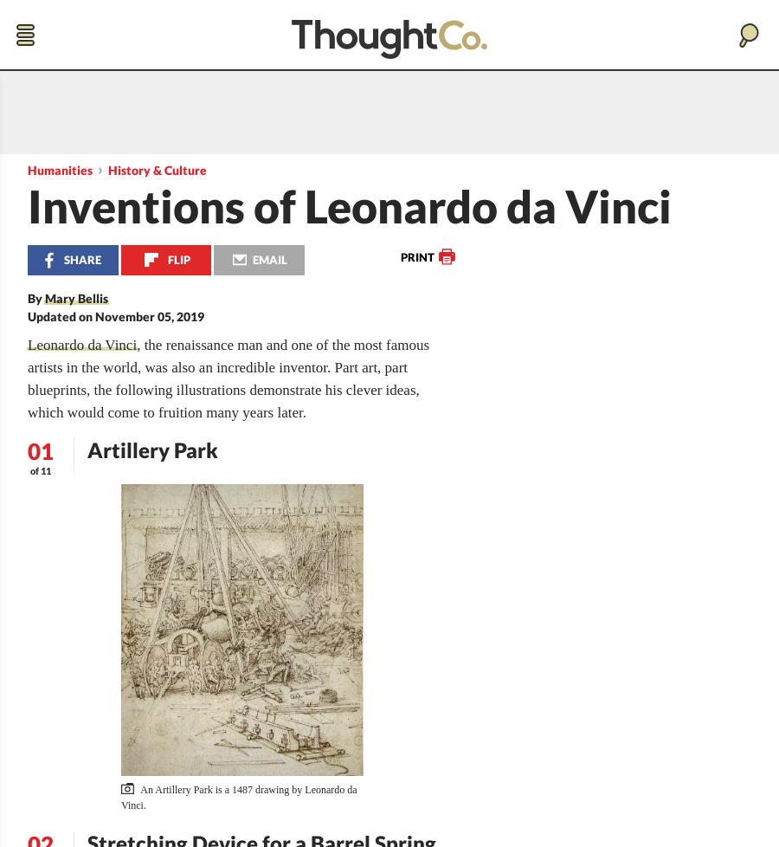 The image size is (779, 847). What do you see at coordinates (29, 470) in the screenshot?
I see `'of 11'` at bounding box center [29, 470].